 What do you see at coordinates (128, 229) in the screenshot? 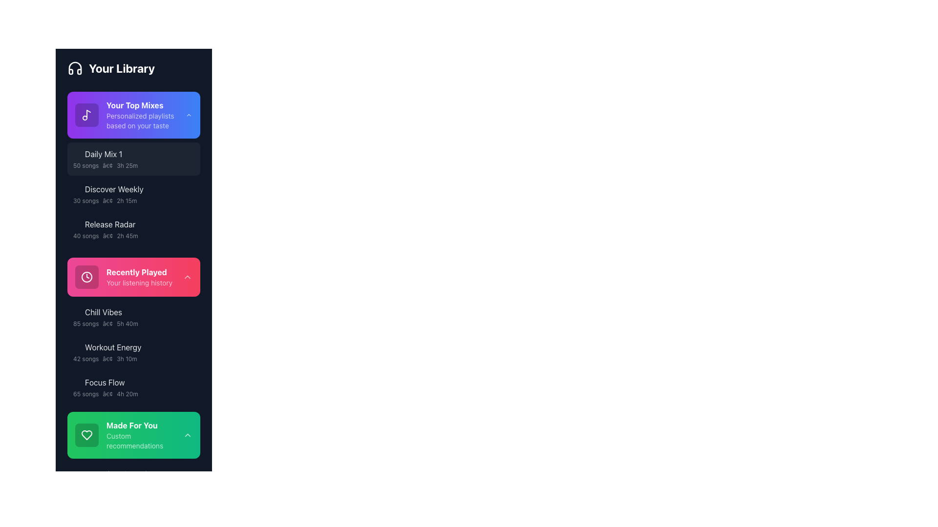
I see `the clickable link or playlist card for the 'Release Radar' playlist located in the left-hand navigation pane, positioned between 'Discover Weekly' and 'Recently Played' sections to possibly reveal additional options or details` at bounding box center [128, 229].